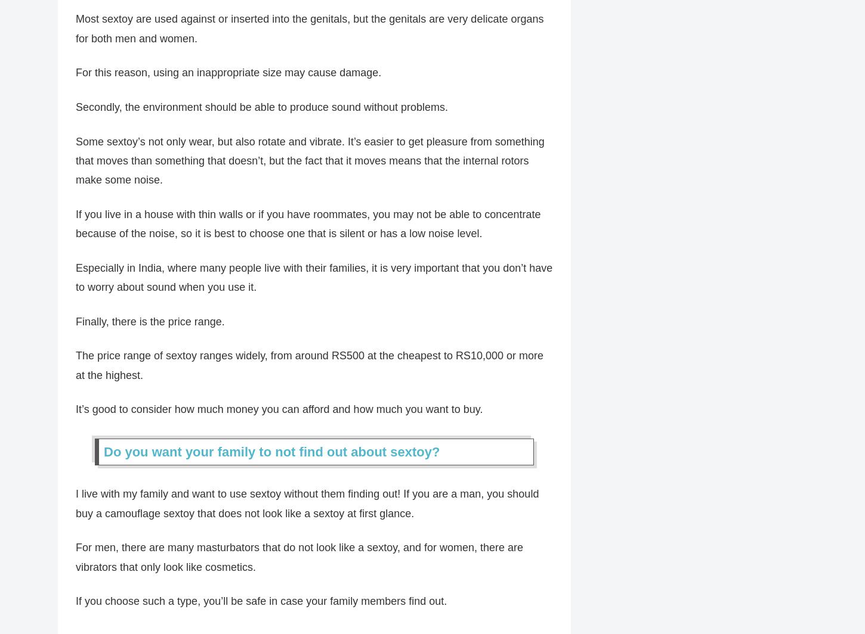 This screenshot has height=634, width=865. Describe the element at coordinates (150, 328) in the screenshot. I see `'Finally, there is the price range.'` at that location.